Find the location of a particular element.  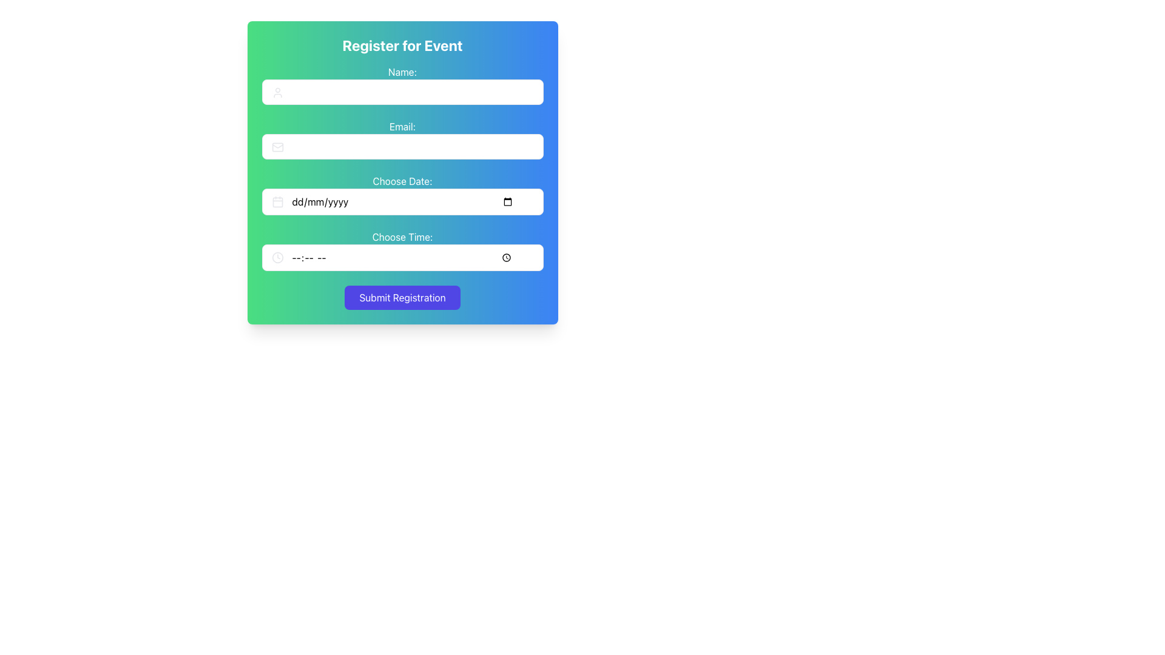

text label indicating the purpose of the adjacent email input field, which is located below the 'Register for Event' heading and above the 'Choose Date' input field is located at coordinates (402, 126).